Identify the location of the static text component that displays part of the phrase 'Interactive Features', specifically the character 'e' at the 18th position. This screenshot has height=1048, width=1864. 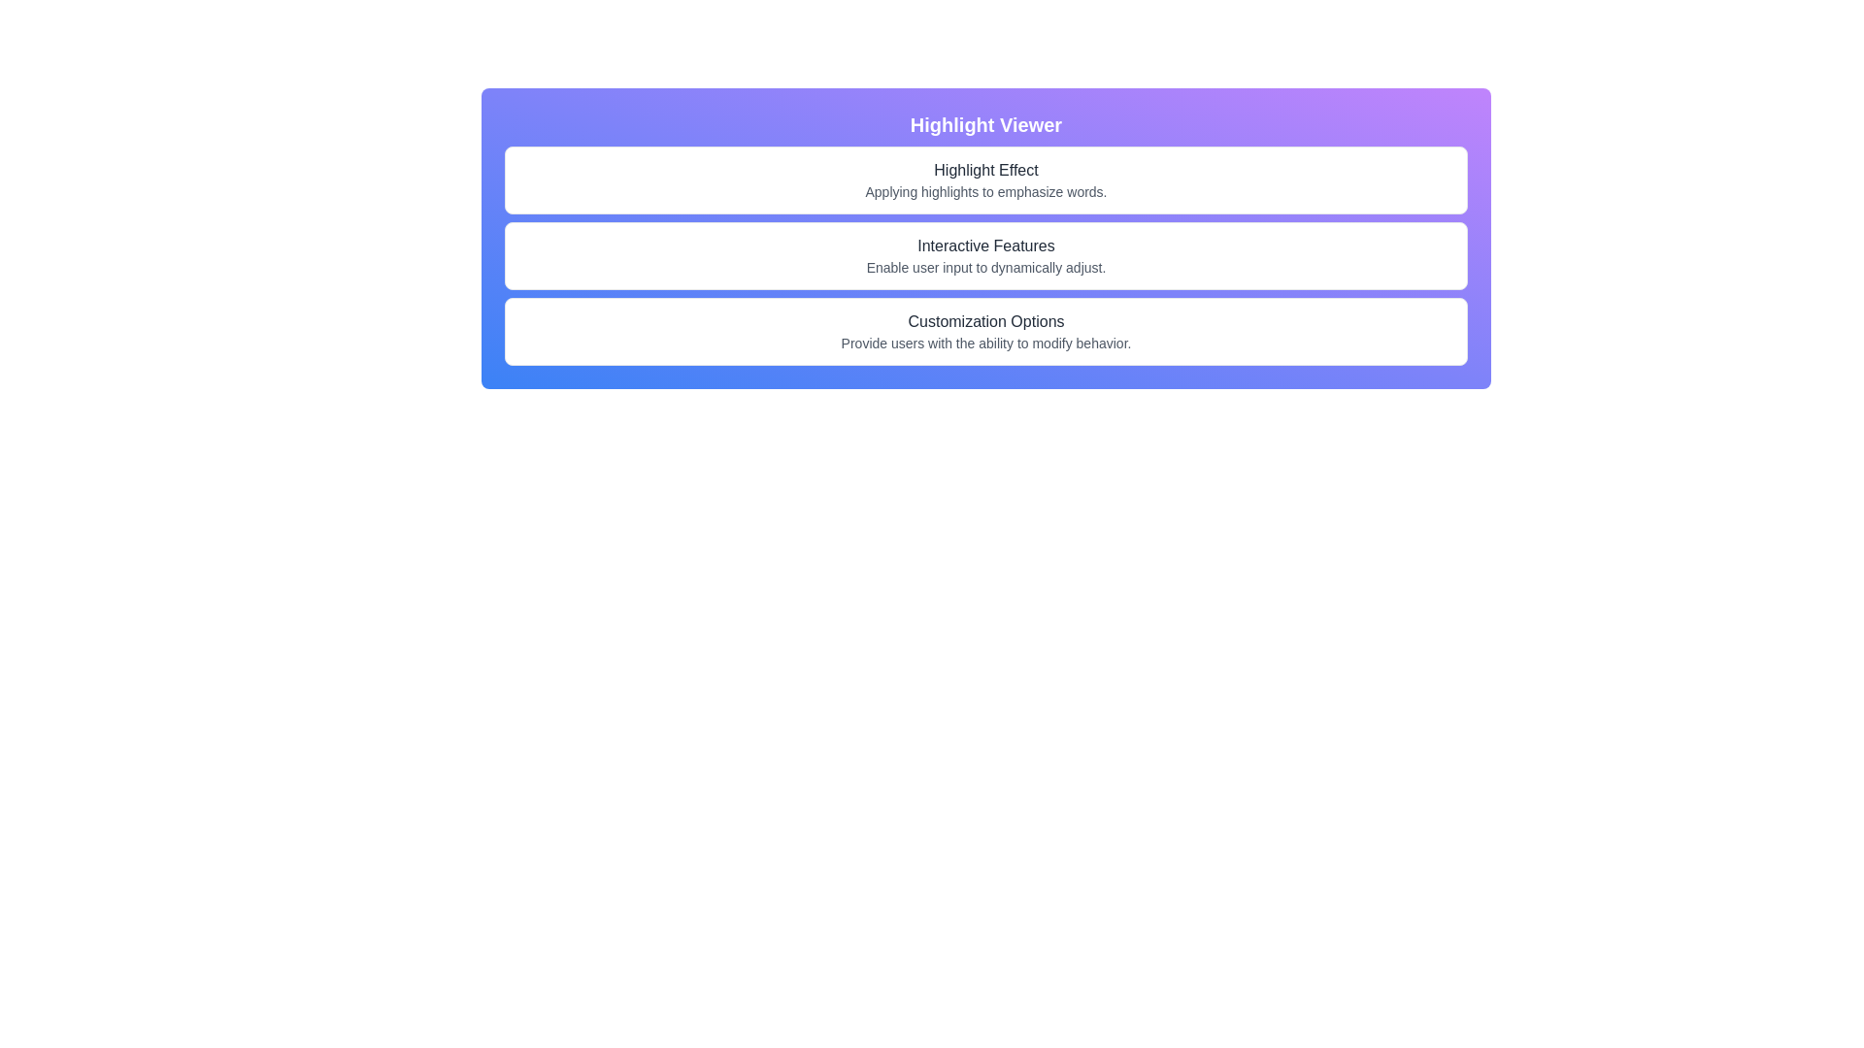
(1042, 245).